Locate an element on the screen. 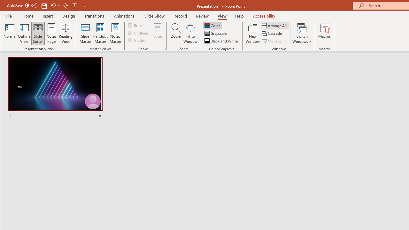  'Grayscale' is located at coordinates (216, 33).